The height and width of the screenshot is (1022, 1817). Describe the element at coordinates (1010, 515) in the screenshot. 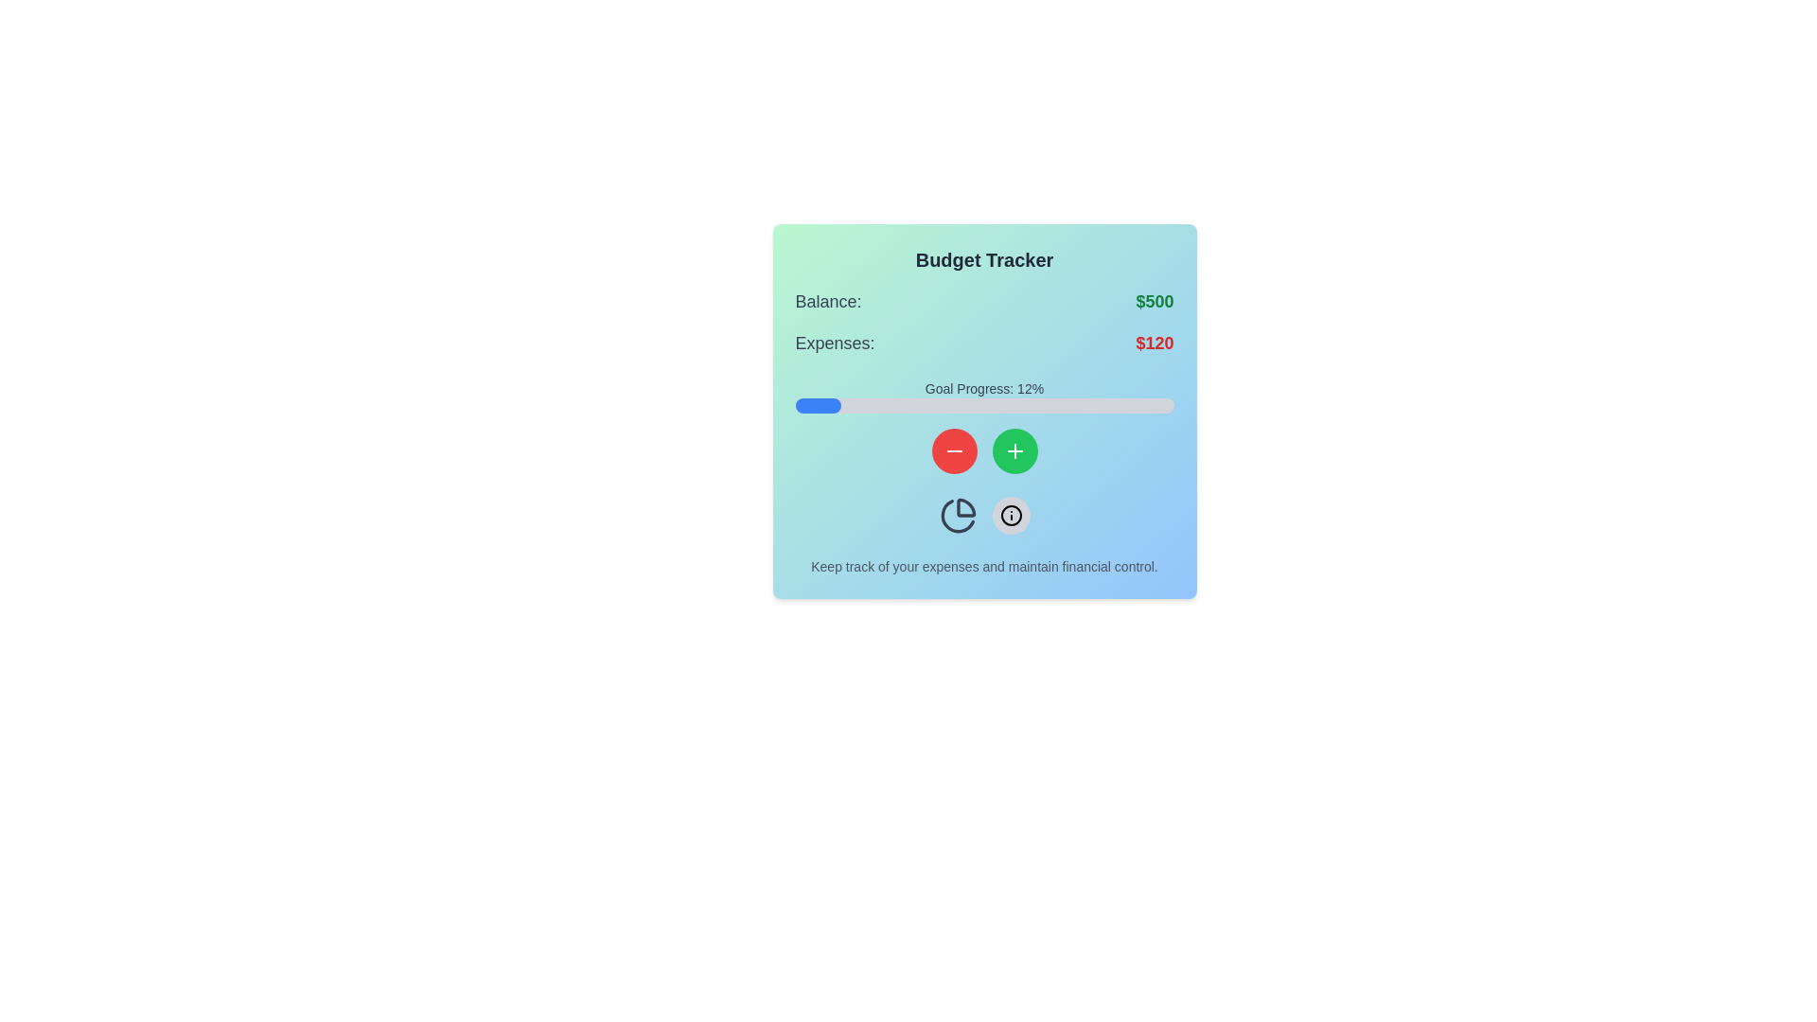

I see `the button located as the second icon in a row of interactive options at the bottom section of the main card interface` at that location.